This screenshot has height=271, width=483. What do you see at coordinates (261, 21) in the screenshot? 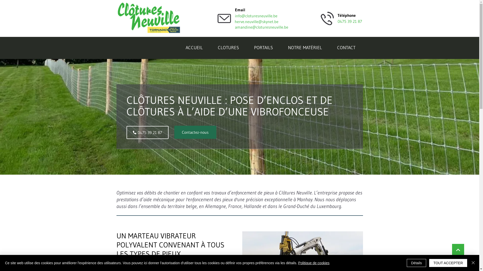
I see `'herve.neuville@skynet.be'` at bounding box center [261, 21].